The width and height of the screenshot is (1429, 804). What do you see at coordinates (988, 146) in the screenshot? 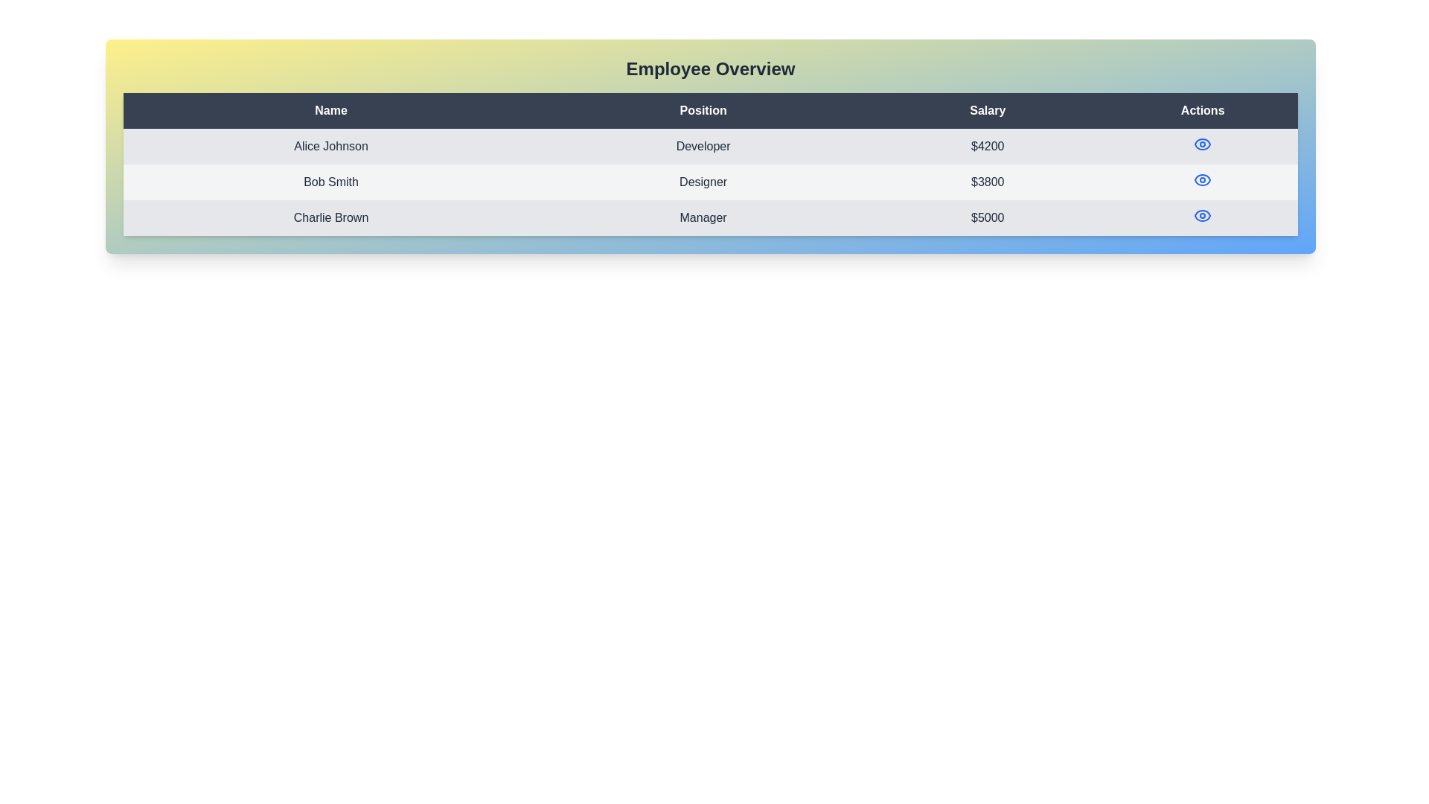
I see `the static text field displaying the salary '$4200' for the entry 'Alice Johnson' in the Salary column of the table` at bounding box center [988, 146].